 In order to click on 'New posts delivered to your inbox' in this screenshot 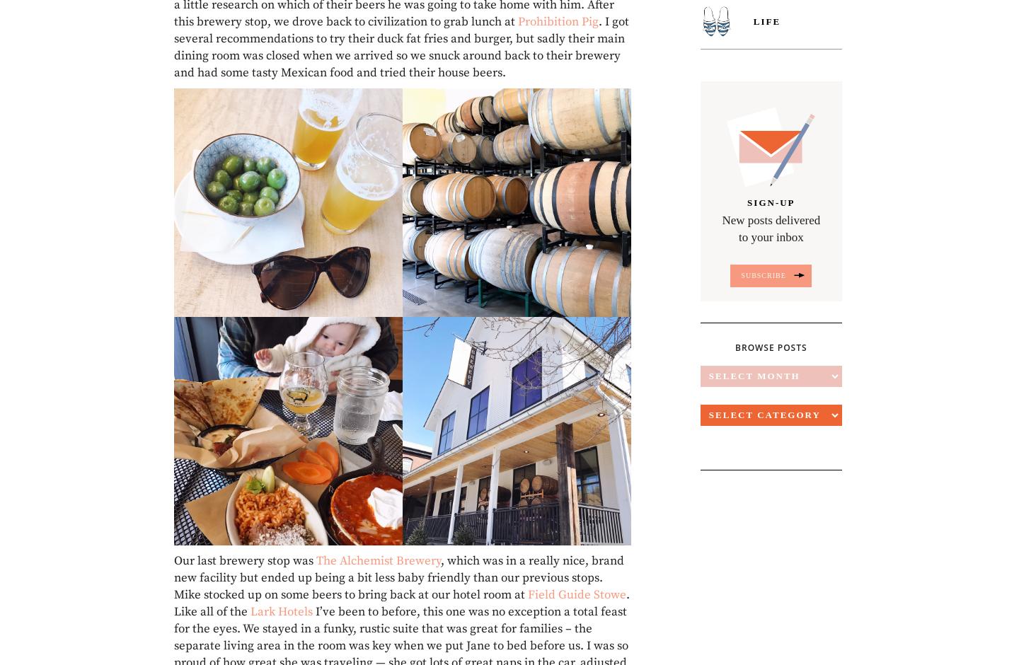, I will do `click(770, 229)`.